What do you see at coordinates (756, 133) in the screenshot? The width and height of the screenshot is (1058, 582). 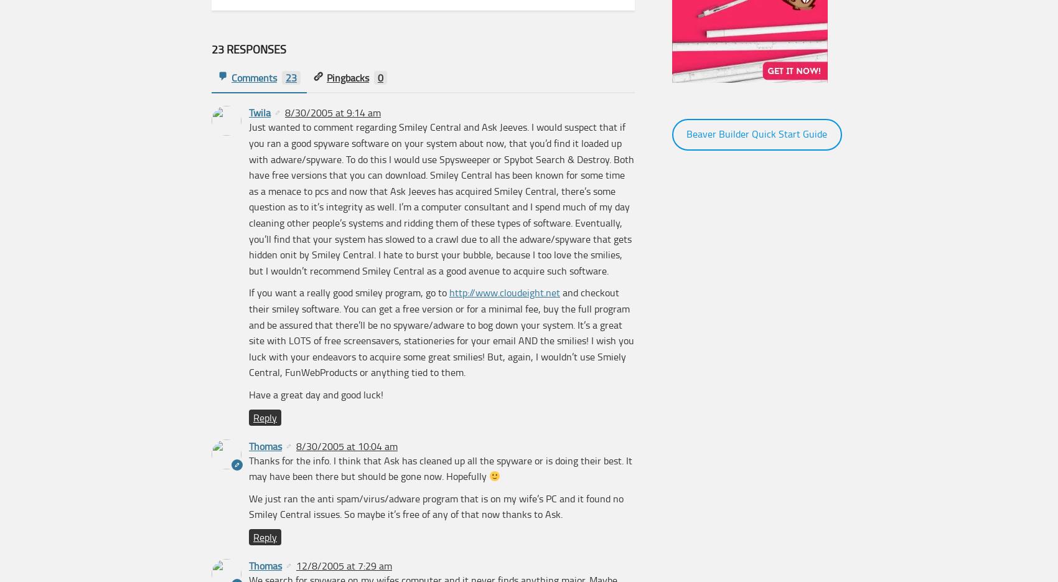 I see `'Beaver Builder Quick Start Guide'` at bounding box center [756, 133].